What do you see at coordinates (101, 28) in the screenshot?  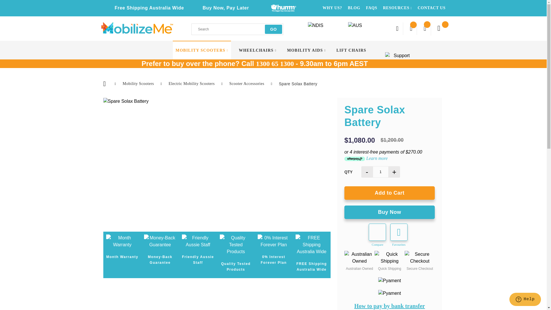 I see `'MobilizeMe'` at bounding box center [101, 28].